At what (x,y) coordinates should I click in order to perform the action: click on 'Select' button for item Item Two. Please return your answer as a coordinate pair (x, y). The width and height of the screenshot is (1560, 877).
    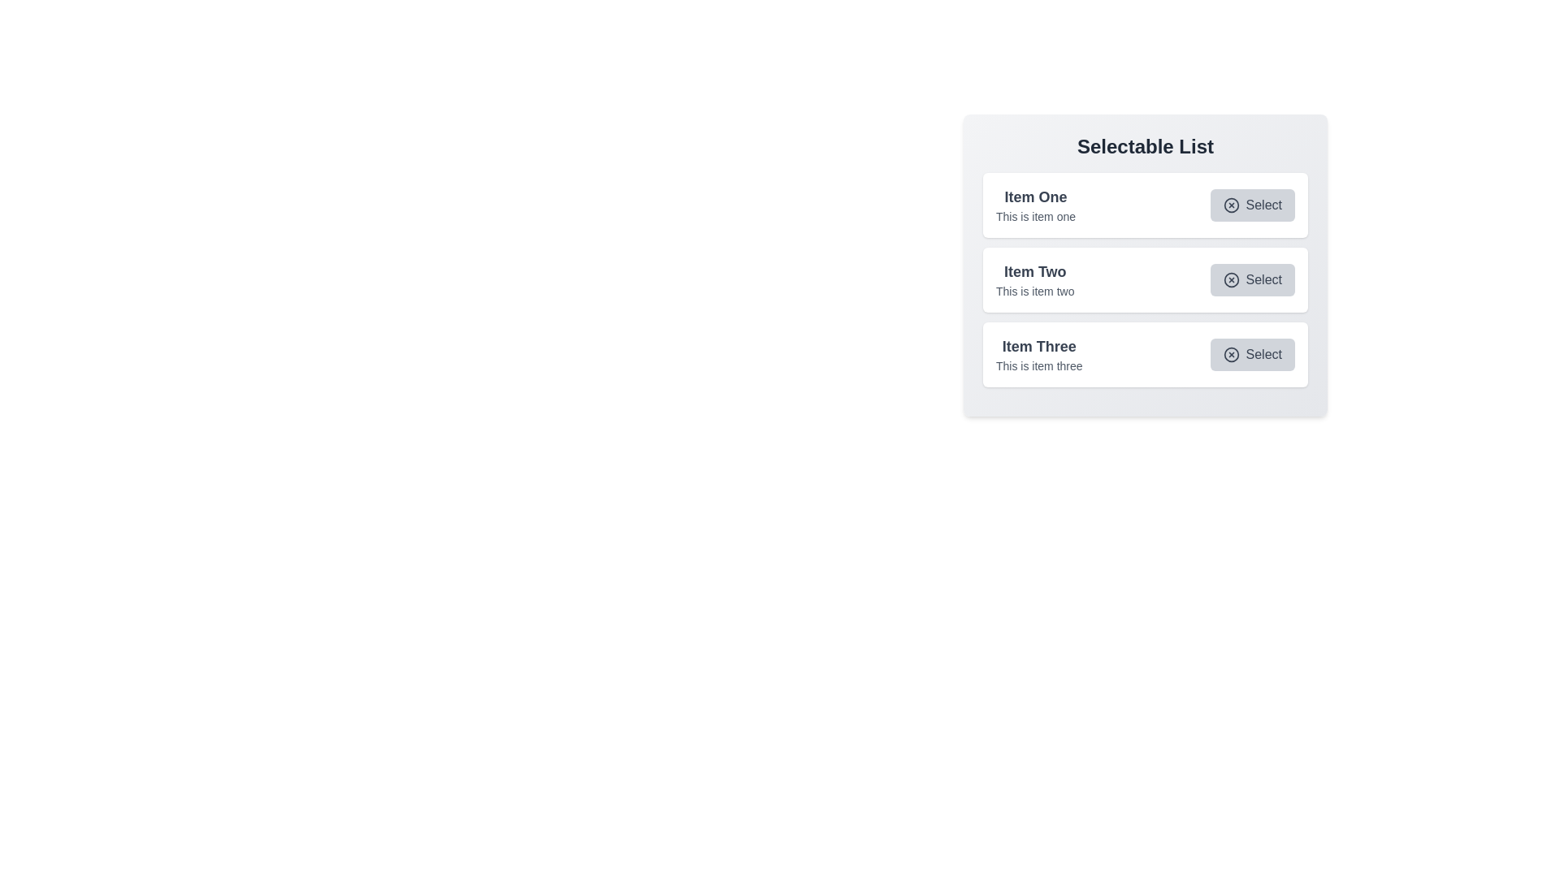
    Looking at the image, I should click on (1251, 279).